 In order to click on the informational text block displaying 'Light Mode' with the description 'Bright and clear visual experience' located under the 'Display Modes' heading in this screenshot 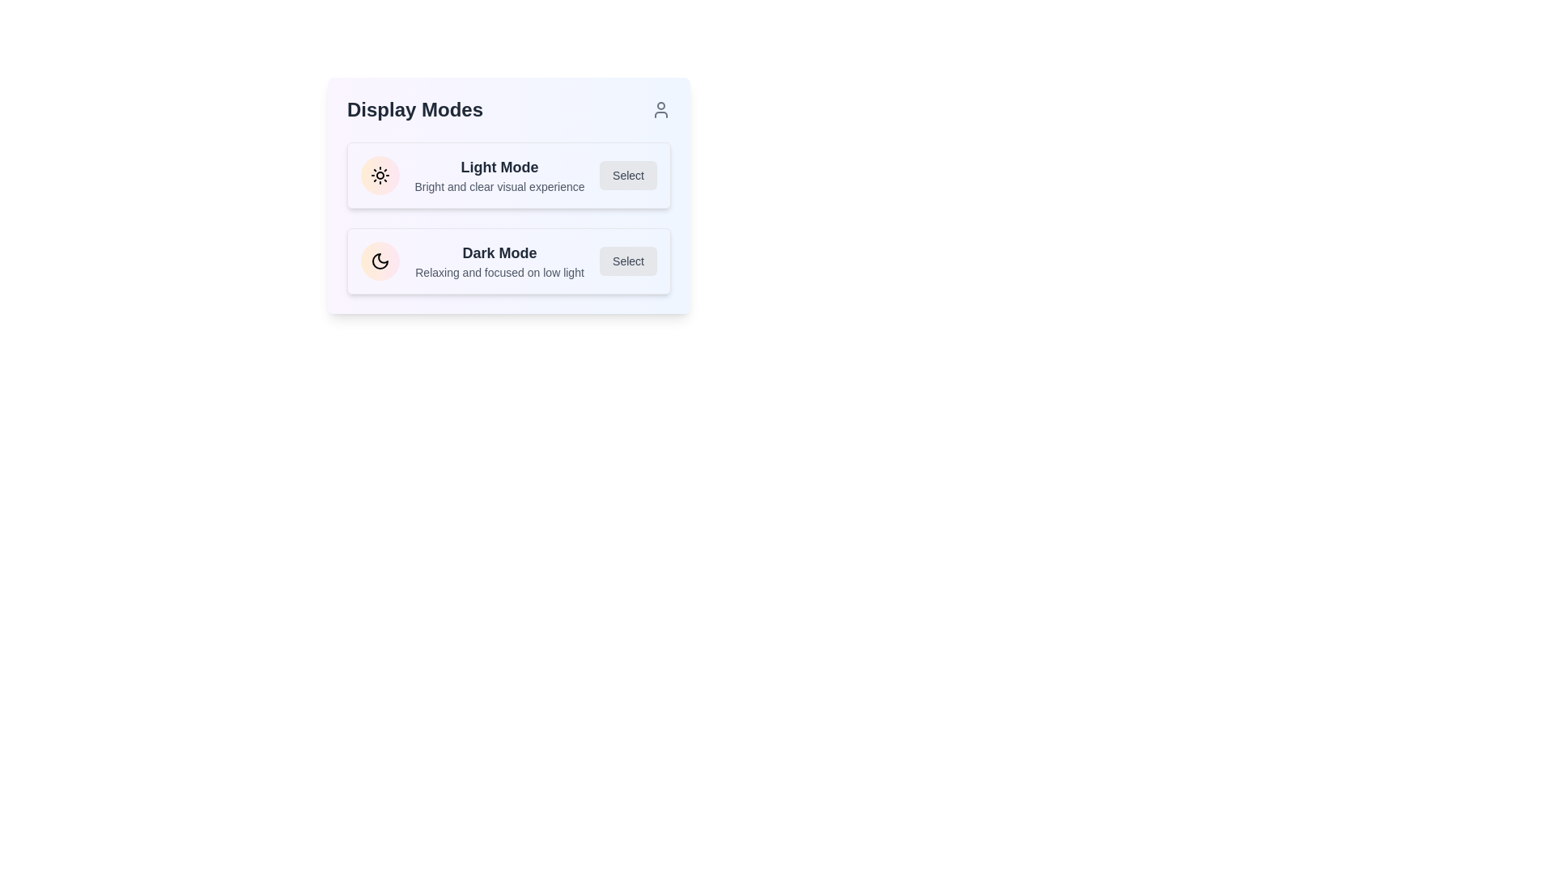, I will do `click(499, 175)`.